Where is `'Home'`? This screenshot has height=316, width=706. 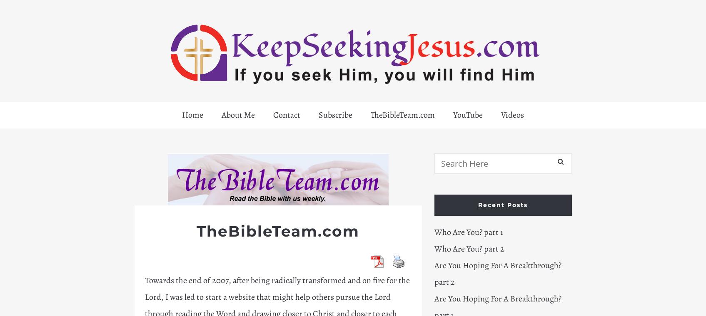
'Home' is located at coordinates (192, 114).